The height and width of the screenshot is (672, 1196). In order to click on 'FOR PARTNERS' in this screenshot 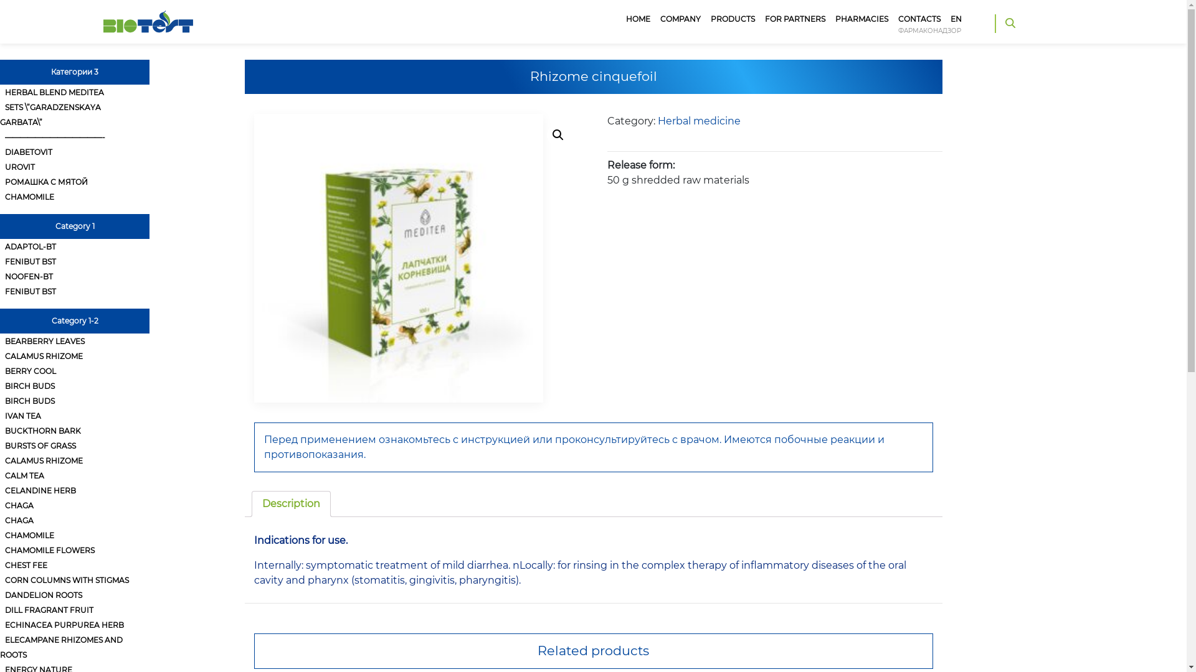, I will do `click(794, 19)`.